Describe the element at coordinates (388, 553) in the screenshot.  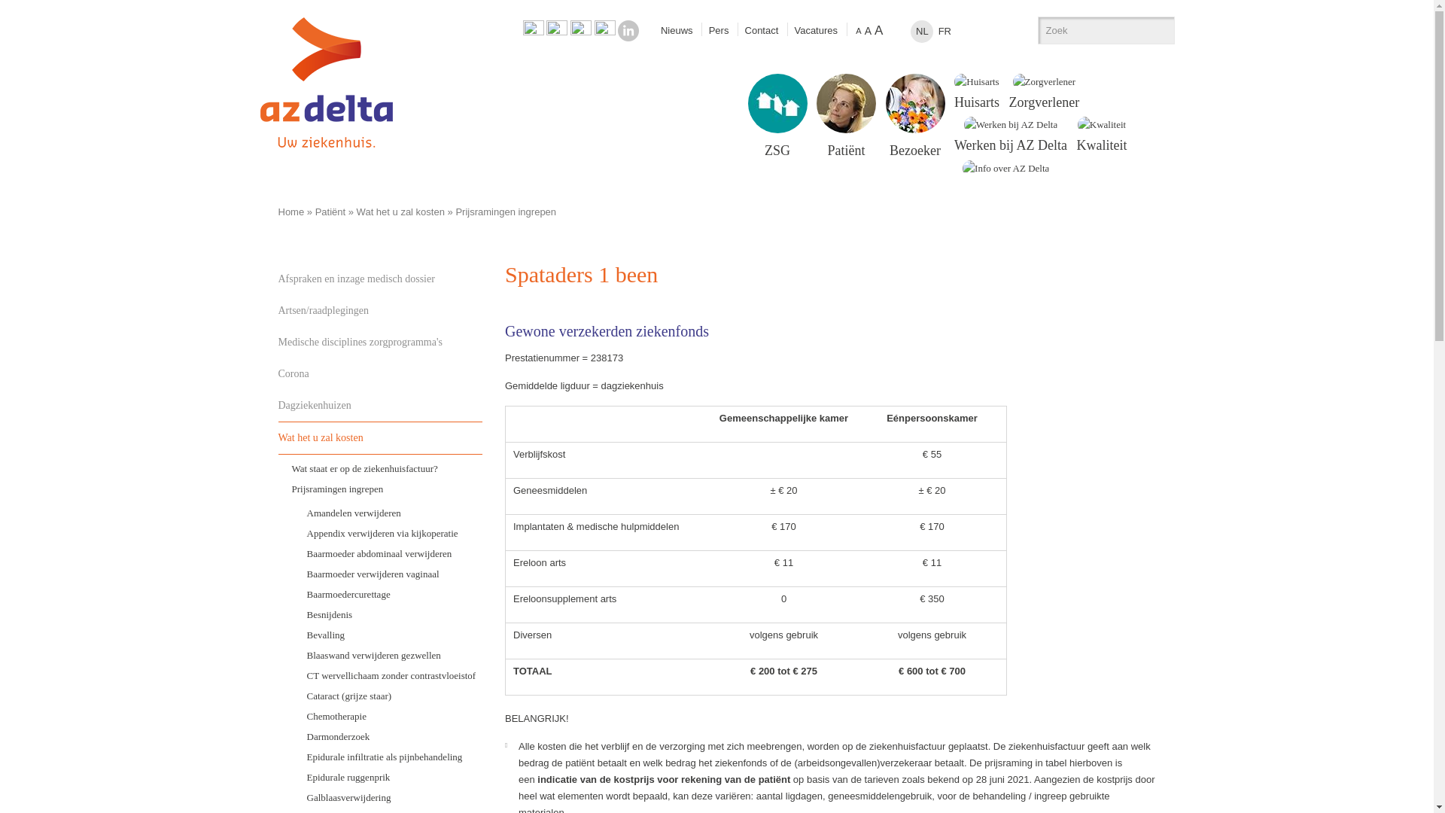
I see `'Baarmoeder abdominaal verwijderen'` at that location.